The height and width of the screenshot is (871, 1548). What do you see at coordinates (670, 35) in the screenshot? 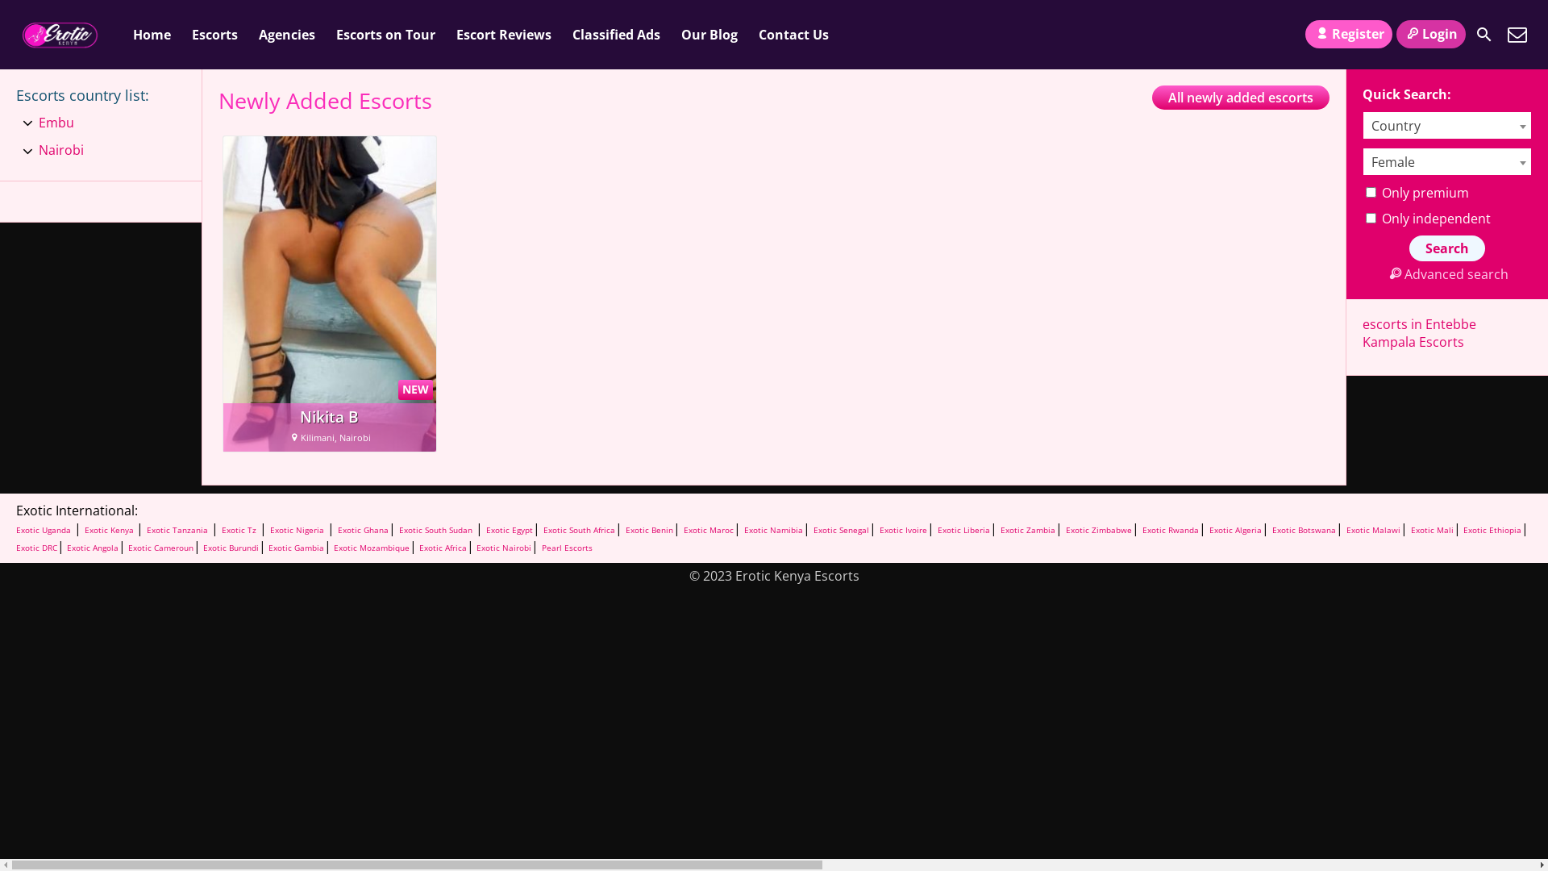
I see `'Our Blog'` at bounding box center [670, 35].